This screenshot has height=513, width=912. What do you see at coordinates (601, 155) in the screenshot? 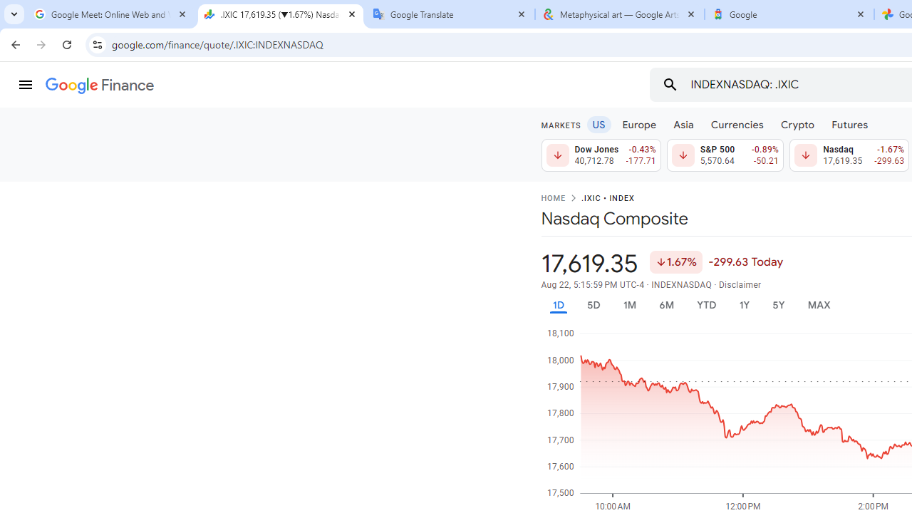
I see `'Dow Jones 40,712.78 Down by 0.43% -177.71'` at bounding box center [601, 155].